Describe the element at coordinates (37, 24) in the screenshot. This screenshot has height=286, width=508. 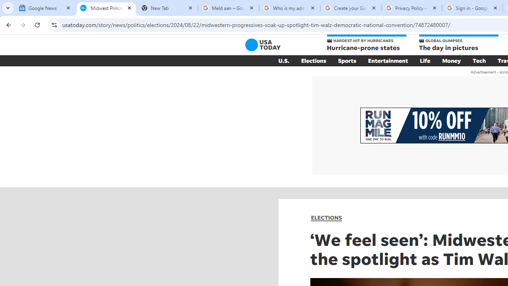
I see `'Reload'` at that location.